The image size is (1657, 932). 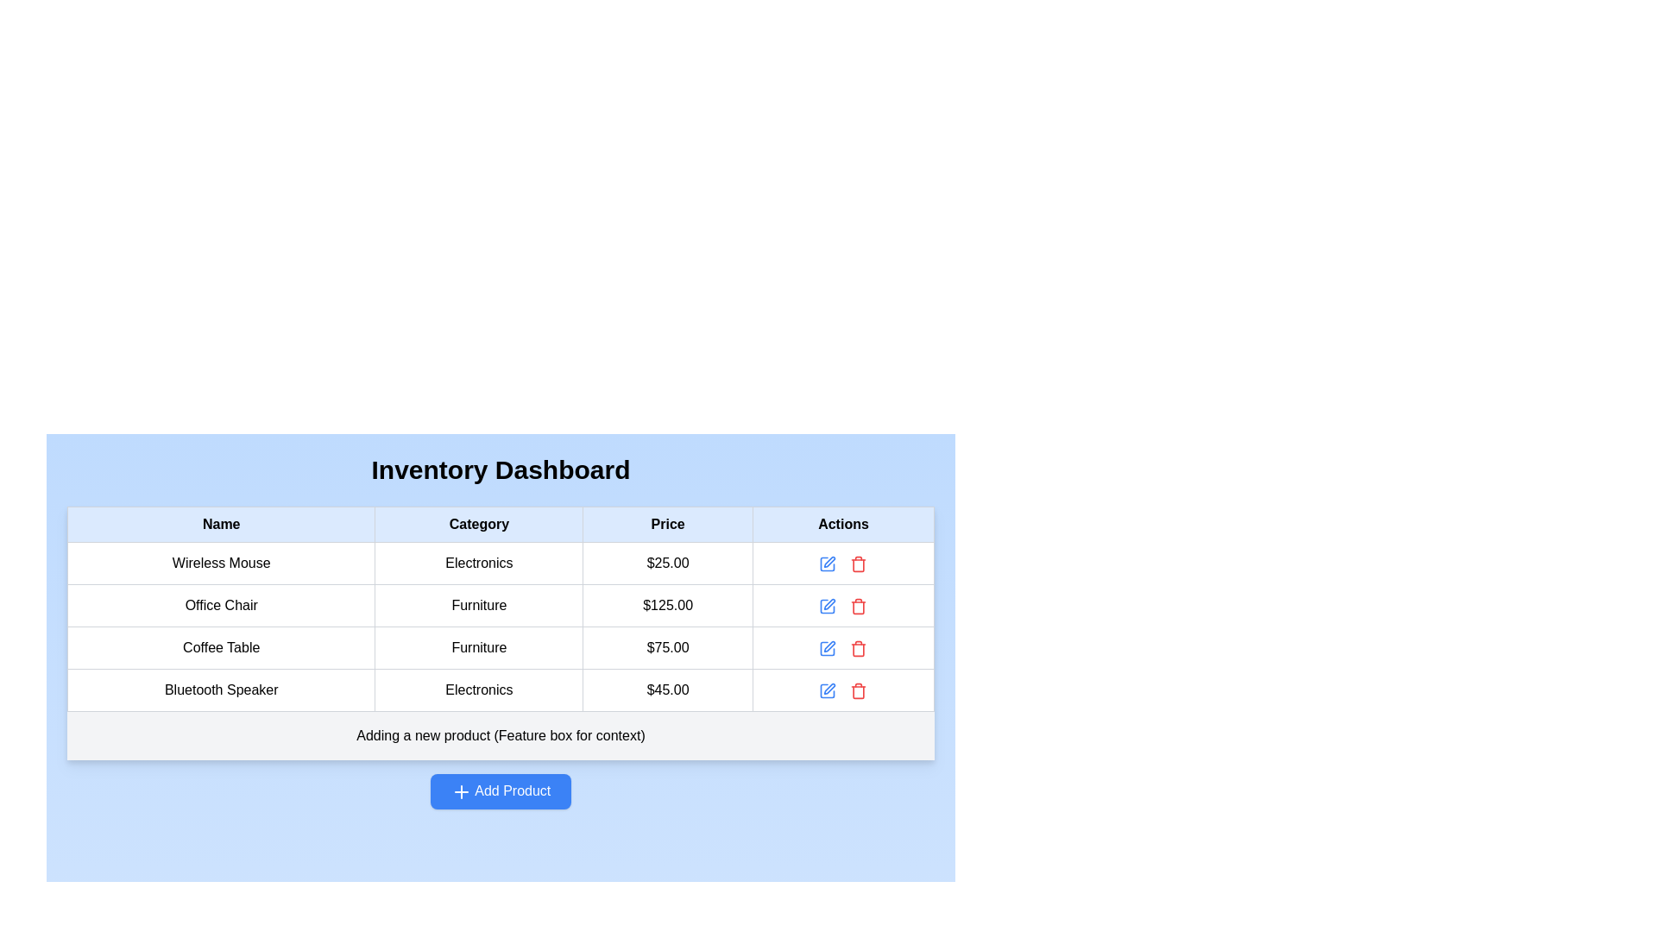 I want to click on the red trash bin icon in the 'Actions' column of the first row in the table, so click(x=859, y=563).